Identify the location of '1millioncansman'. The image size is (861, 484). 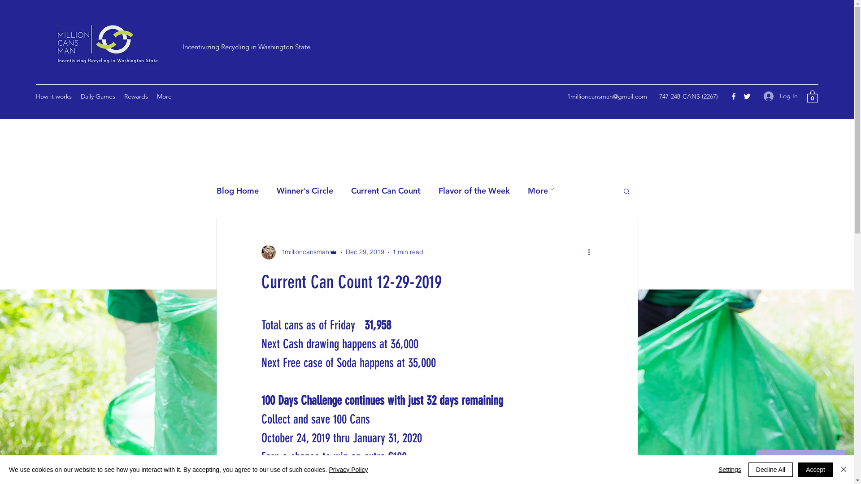
(299, 252).